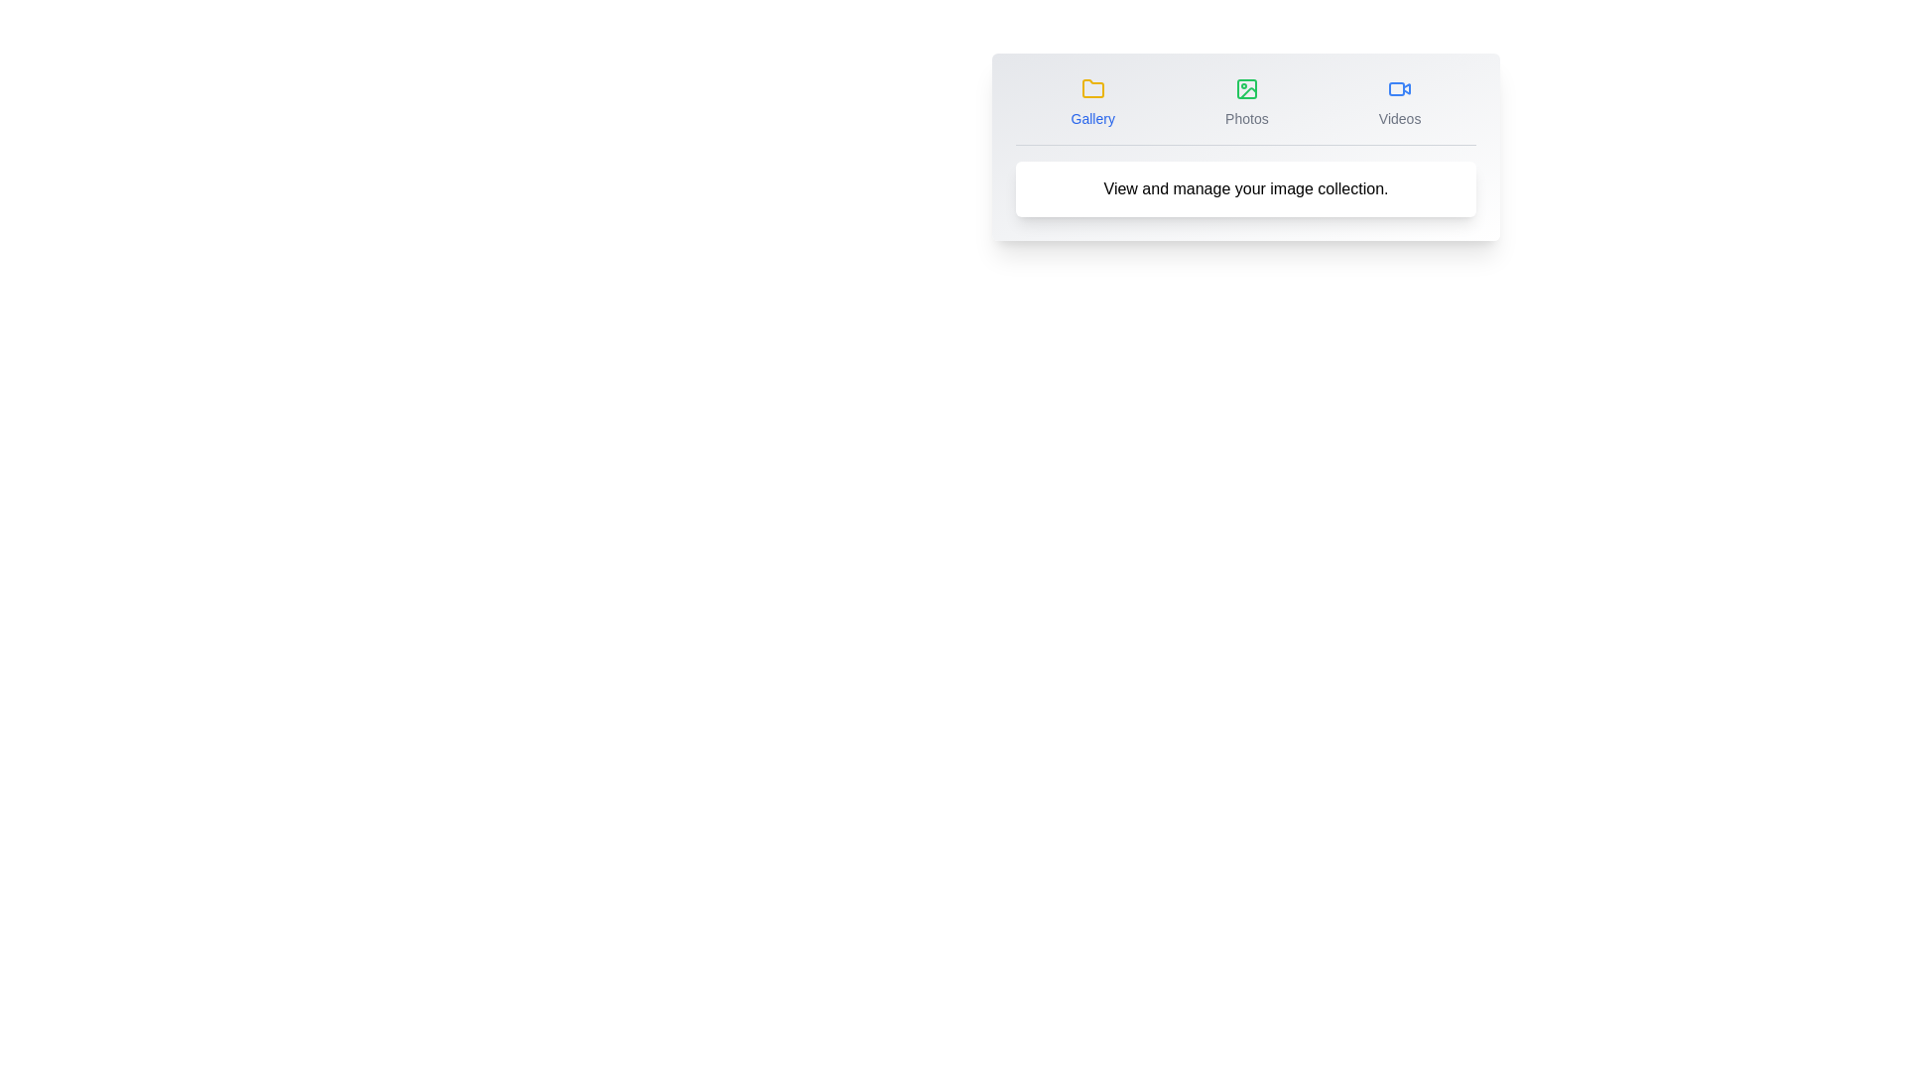  What do you see at coordinates (1399, 103) in the screenshot?
I see `the Videos tab icon to activate it` at bounding box center [1399, 103].